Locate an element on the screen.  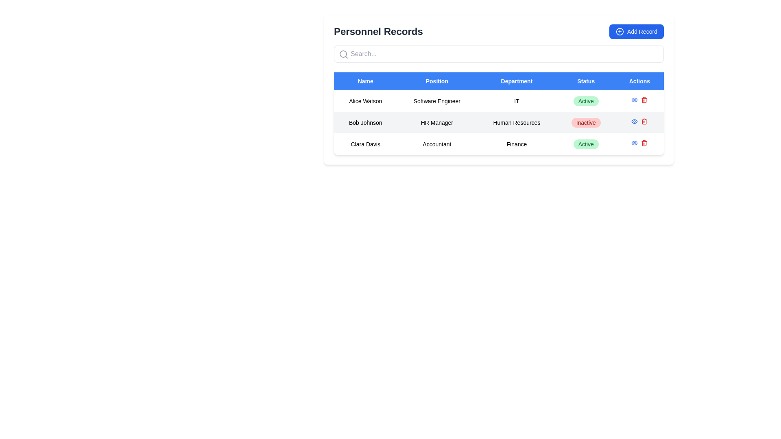
the Text label displaying the job position title 'HR Manager' located in the 'Position' column of the 'Personnel Records' table for 'Bob Johnson' is located at coordinates (436, 122).